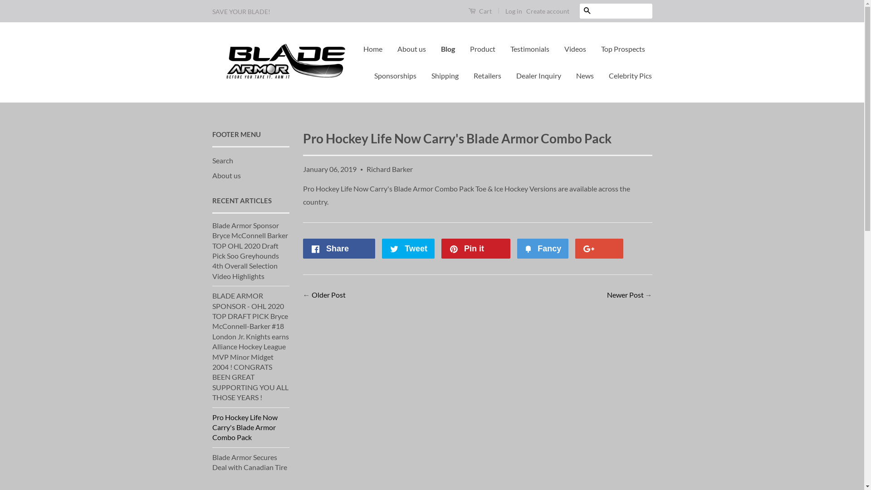  Describe the element at coordinates (245, 427) in the screenshot. I see `'Pro Hockey Life Now Carry's Blade Armor Combo Pack'` at that location.